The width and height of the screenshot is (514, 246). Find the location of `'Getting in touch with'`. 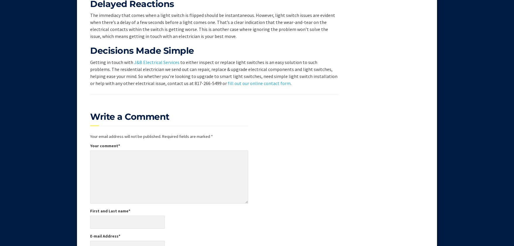

'Getting in touch with' is located at coordinates (112, 62).